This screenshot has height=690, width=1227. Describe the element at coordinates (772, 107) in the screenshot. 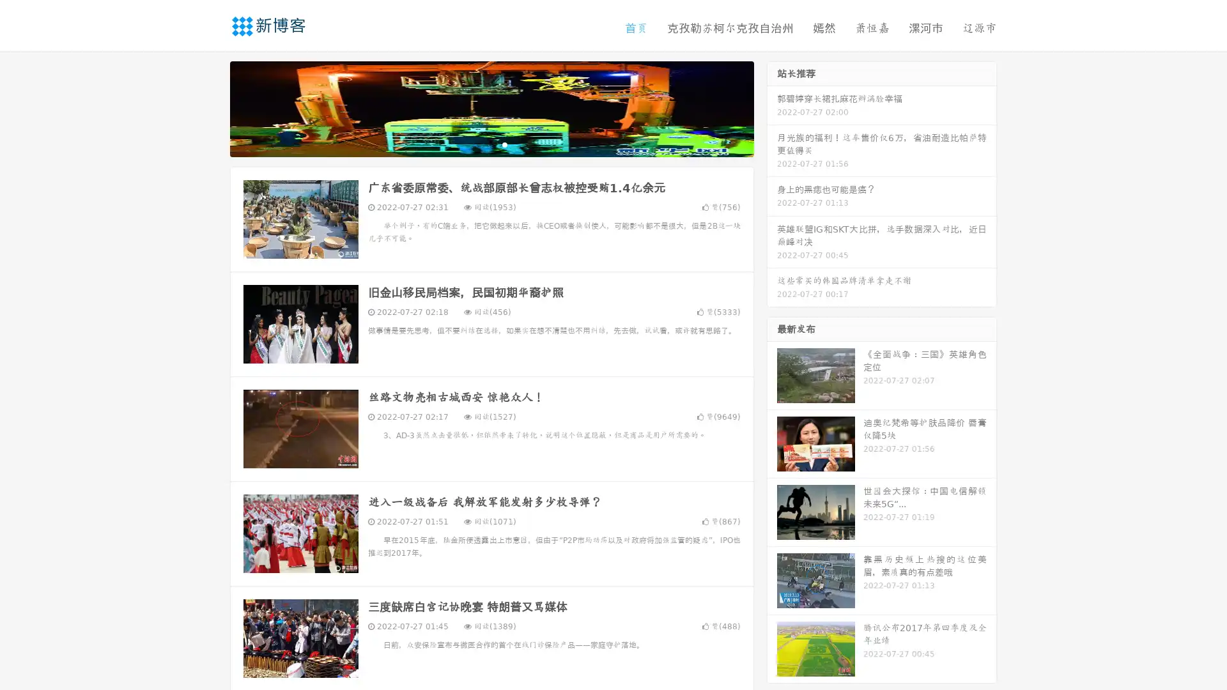

I see `Next slide` at that location.